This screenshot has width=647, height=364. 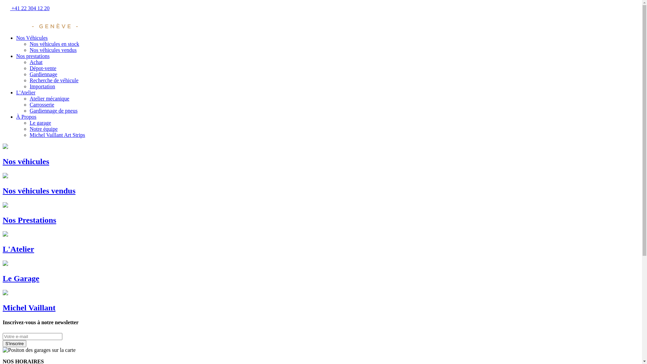 What do you see at coordinates (57, 135) in the screenshot?
I see `'Michel Vaillant Art Strips'` at bounding box center [57, 135].